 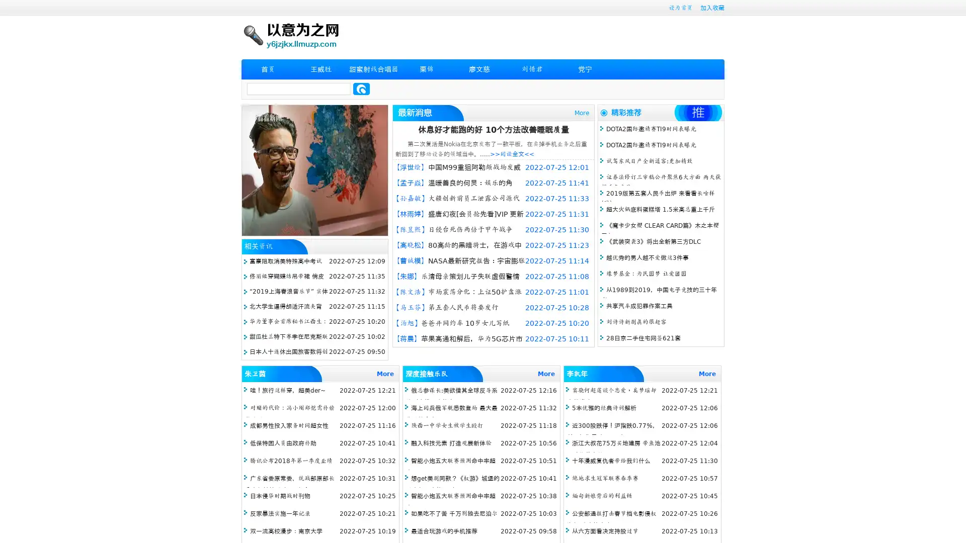 What do you see at coordinates (361, 88) in the screenshot?
I see `Search` at bounding box center [361, 88].